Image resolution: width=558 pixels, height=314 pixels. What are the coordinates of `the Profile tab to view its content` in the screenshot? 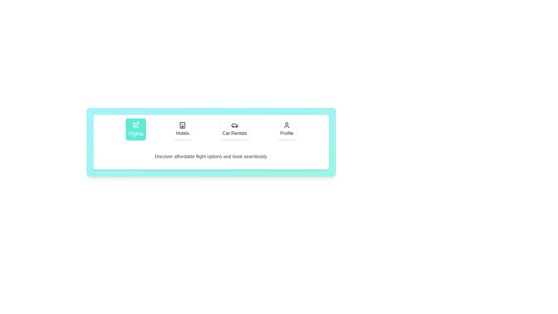 It's located at (287, 129).